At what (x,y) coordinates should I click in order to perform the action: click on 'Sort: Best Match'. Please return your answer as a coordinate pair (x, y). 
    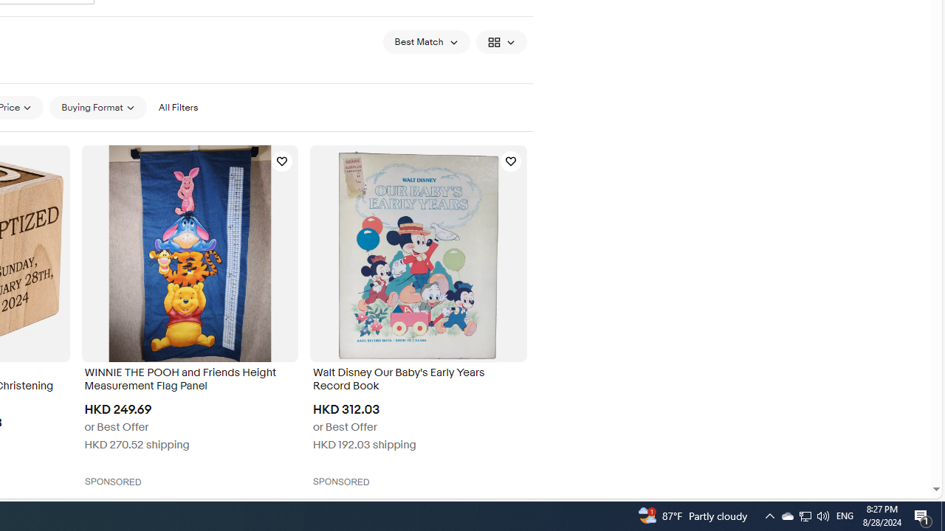
    Looking at the image, I should click on (425, 41).